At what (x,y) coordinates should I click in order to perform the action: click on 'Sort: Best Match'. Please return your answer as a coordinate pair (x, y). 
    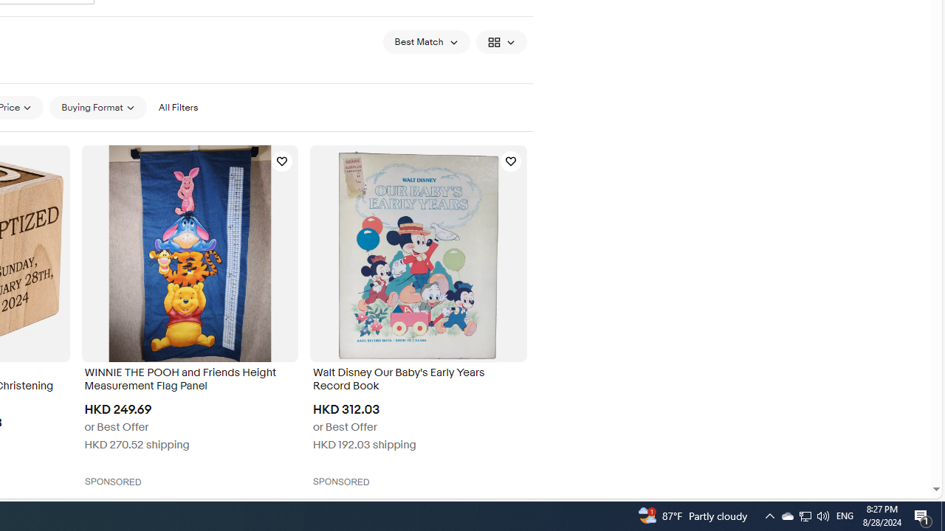
    Looking at the image, I should click on (425, 41).